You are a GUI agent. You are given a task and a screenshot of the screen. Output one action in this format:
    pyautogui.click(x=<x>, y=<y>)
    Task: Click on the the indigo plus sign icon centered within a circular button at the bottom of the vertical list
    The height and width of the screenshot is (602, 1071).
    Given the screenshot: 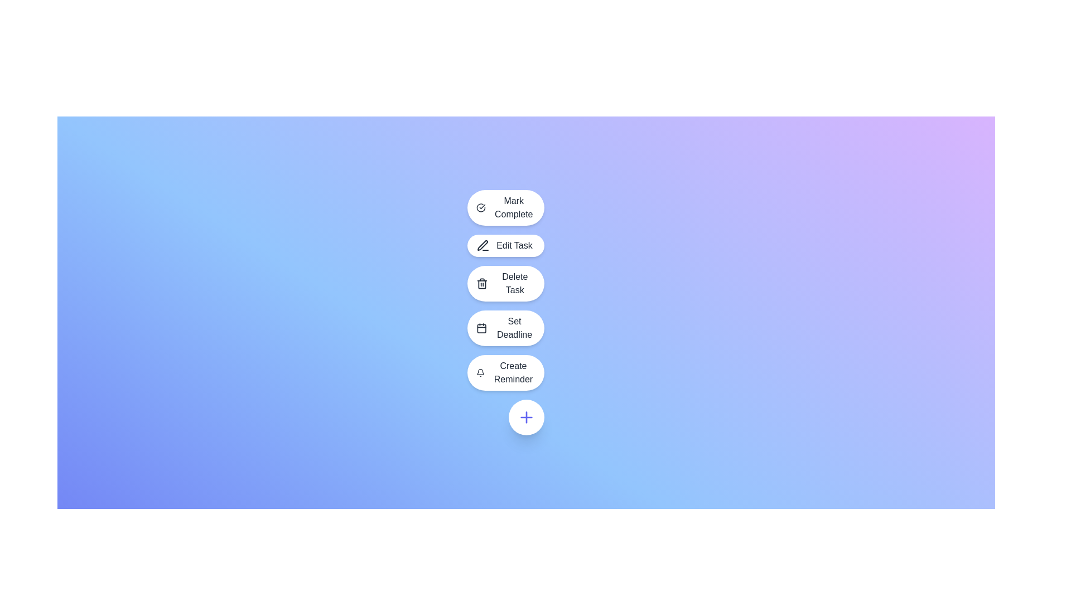 What is the action you would take?
    pyautogui.click(x=525, y=417)
    